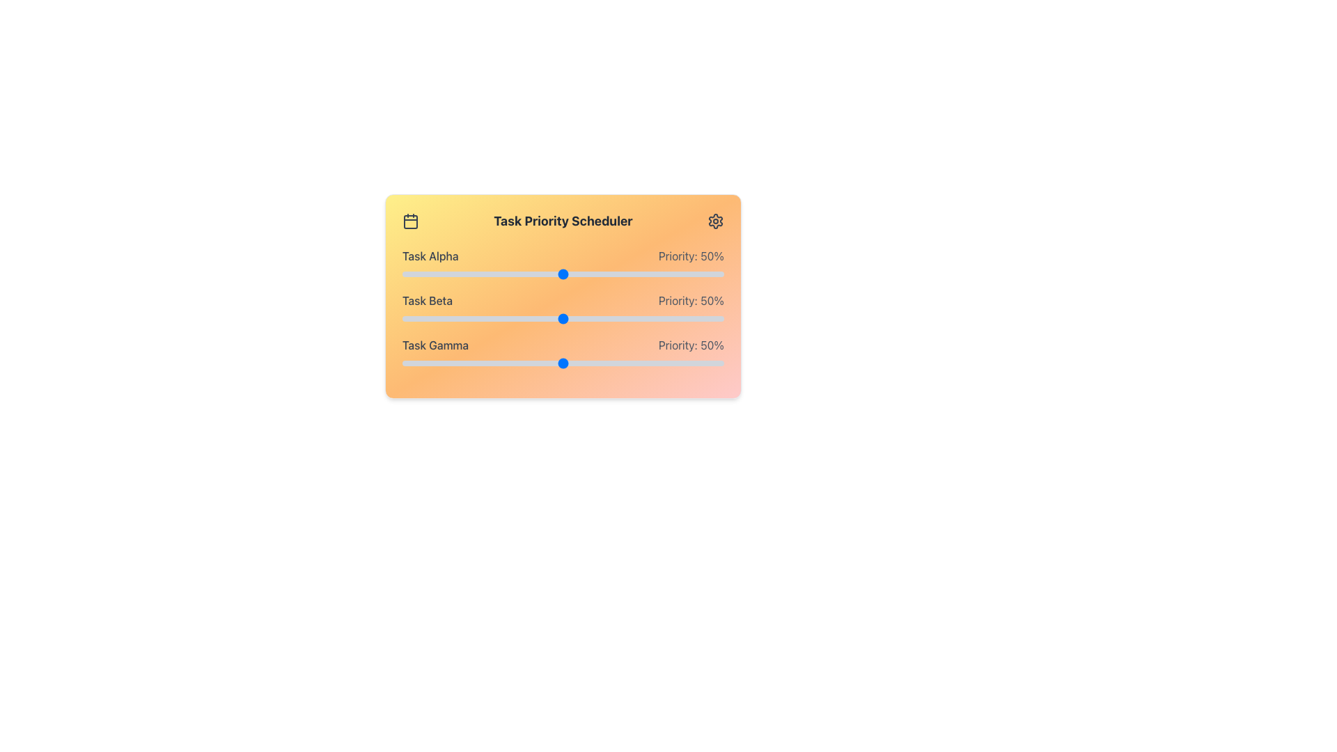 The height and width of the screenshot is (752, 1337). I want to click on the "Task Beta" priority, so click(655, 319).